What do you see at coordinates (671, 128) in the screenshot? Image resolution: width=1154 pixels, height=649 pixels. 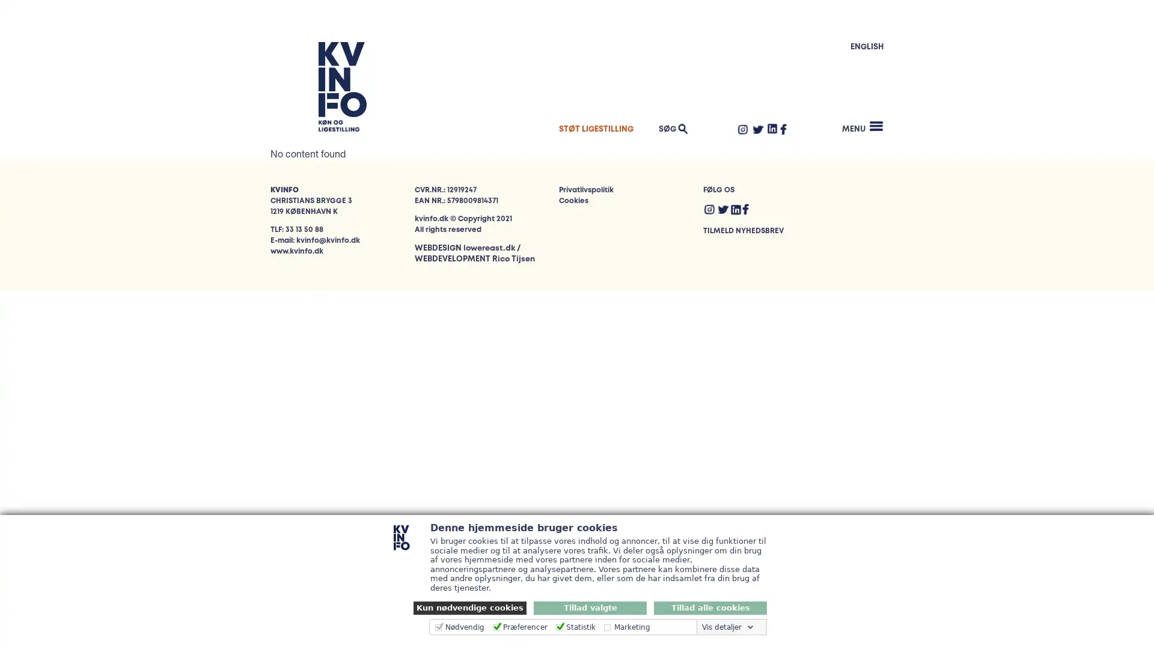 I see `SG` at bounding box center [671, 128].